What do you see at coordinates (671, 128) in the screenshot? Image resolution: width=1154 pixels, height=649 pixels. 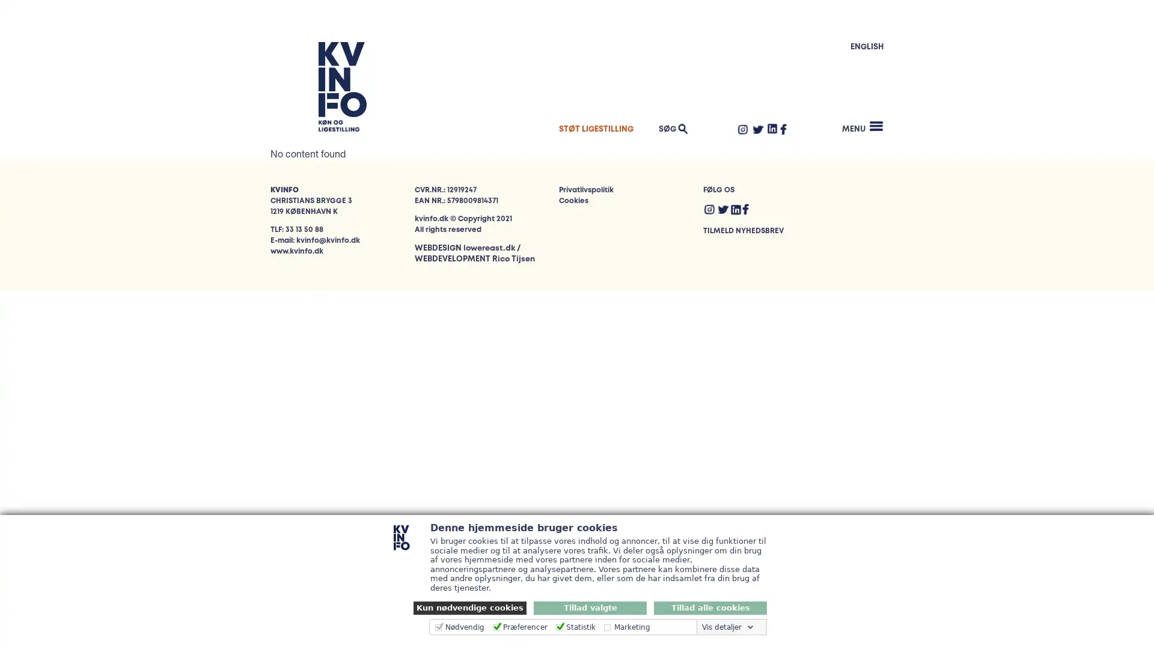 I see `SG` at bounding box center [671, 128].